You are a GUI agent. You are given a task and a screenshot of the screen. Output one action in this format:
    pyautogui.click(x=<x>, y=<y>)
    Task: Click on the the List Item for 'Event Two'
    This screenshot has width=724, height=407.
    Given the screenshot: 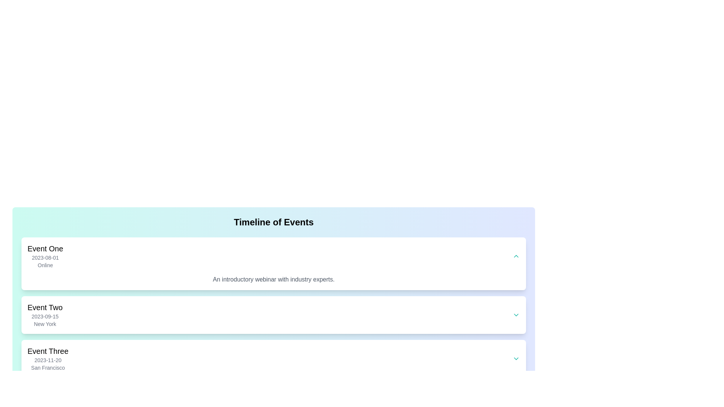 What is the action you would take?
    pyautogui.click(x=273, y=315)
    